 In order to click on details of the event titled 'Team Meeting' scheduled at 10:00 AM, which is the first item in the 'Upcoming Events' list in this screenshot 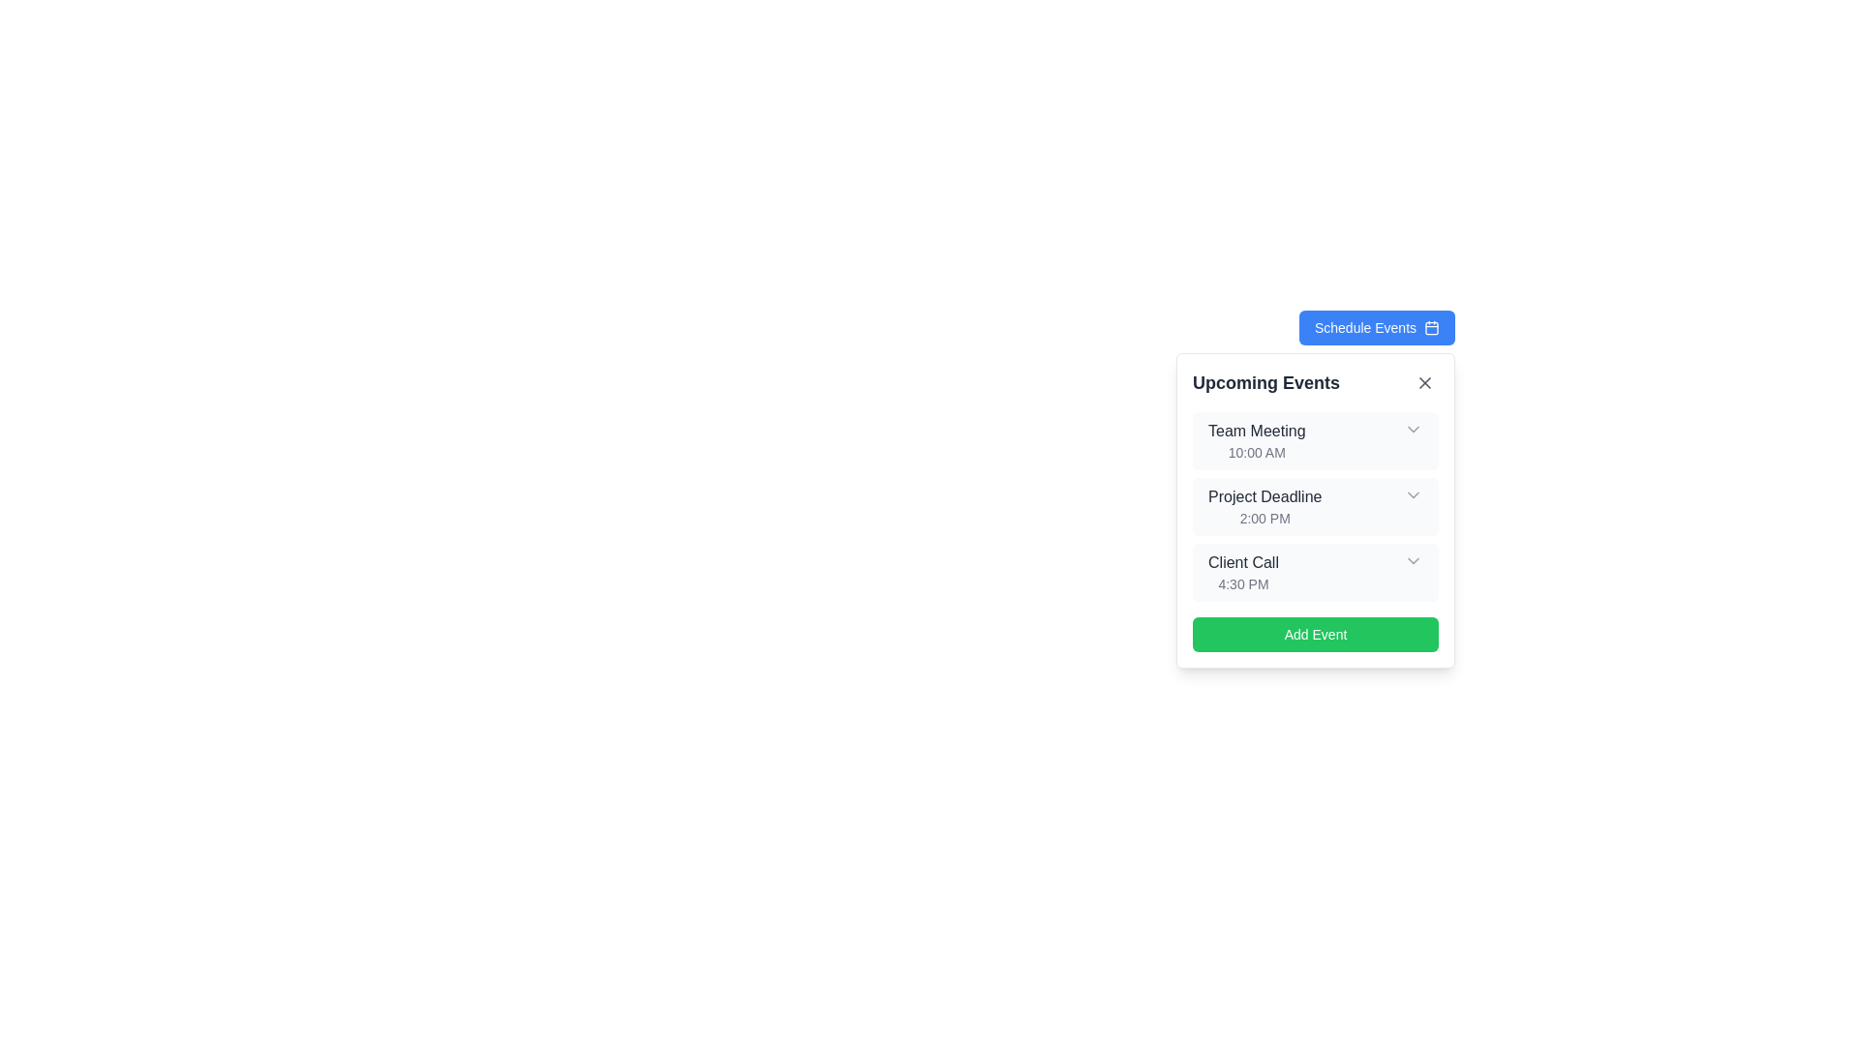, I will do `click(1257, 440)`.